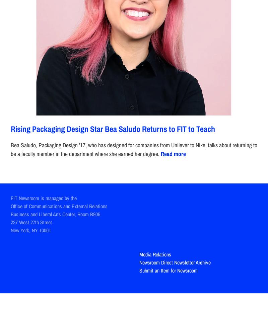 This screenshot has width=268, height=311. I want to click on 'Bea Saludo, Packaging Design ’17, who has designed for companies from Unilever to Nike, talks about returning to be a faculty member in the department where she earned her degree.', so click(134, 149).